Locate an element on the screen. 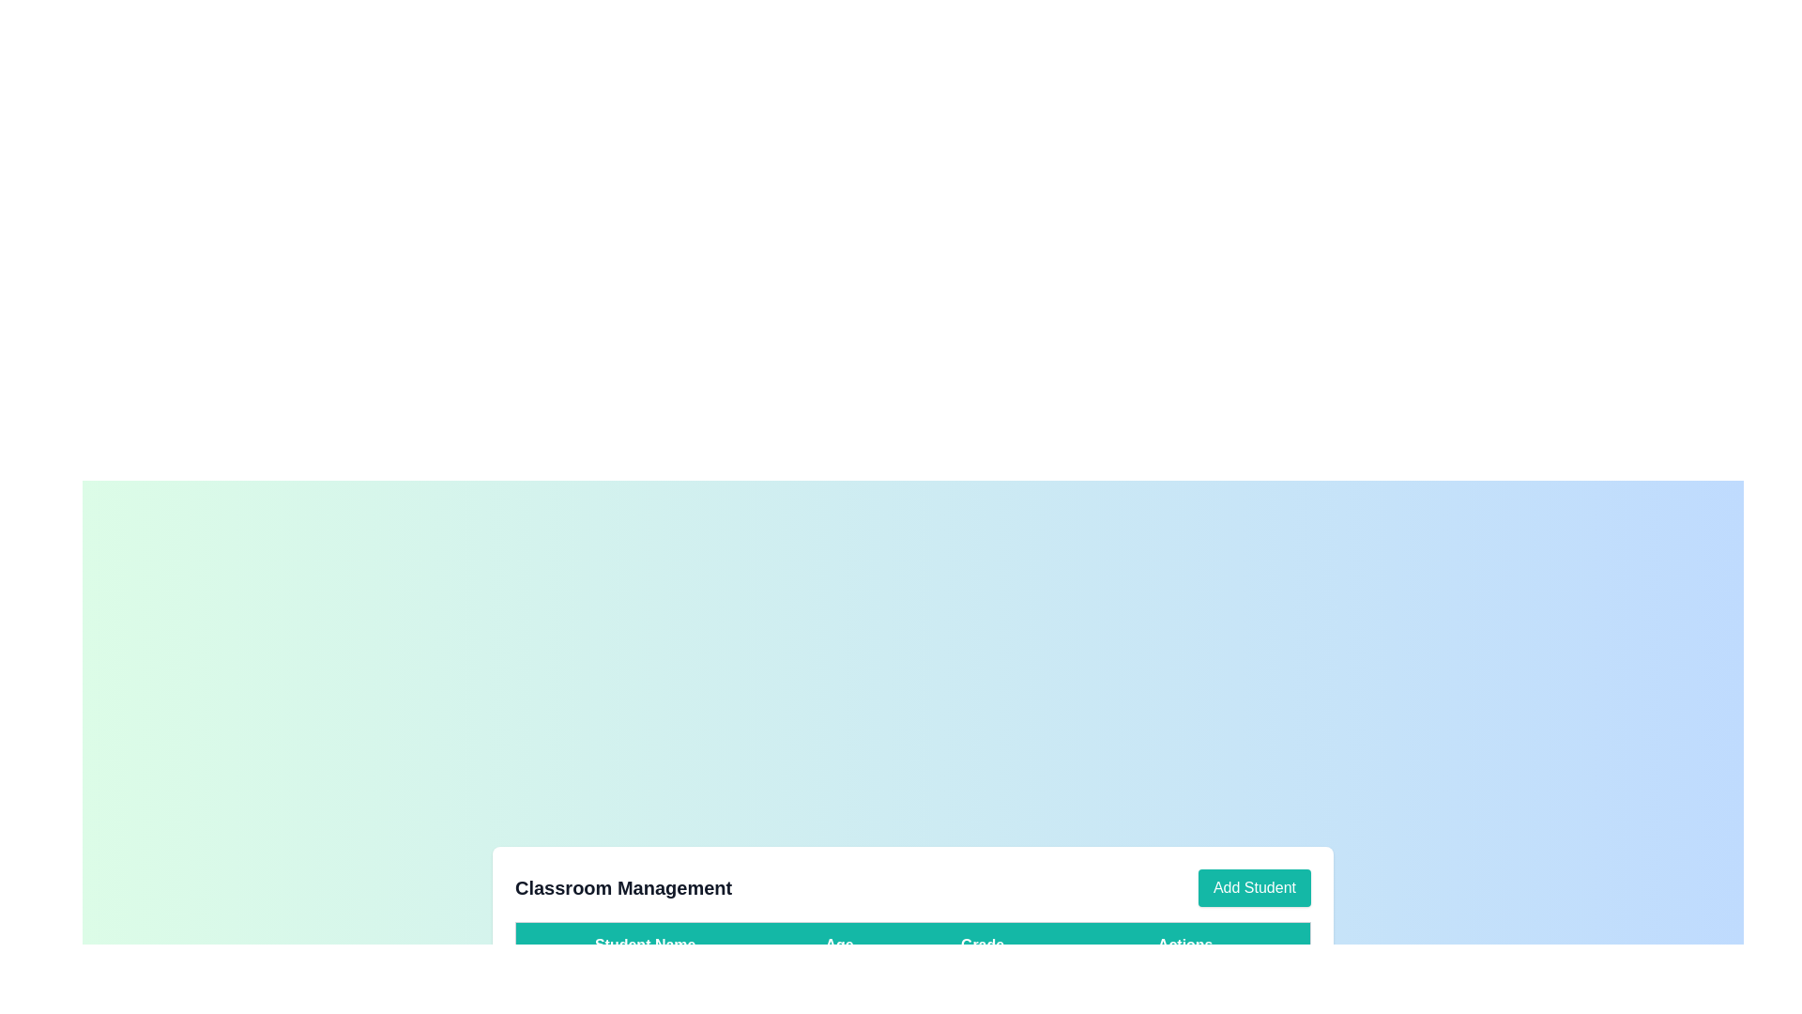 The height and width of the screenshot is (1014, 1802). the bold text label 'Classroom Management' which is styled as a section header in dark-gray color is located at coordinates (623, 887).